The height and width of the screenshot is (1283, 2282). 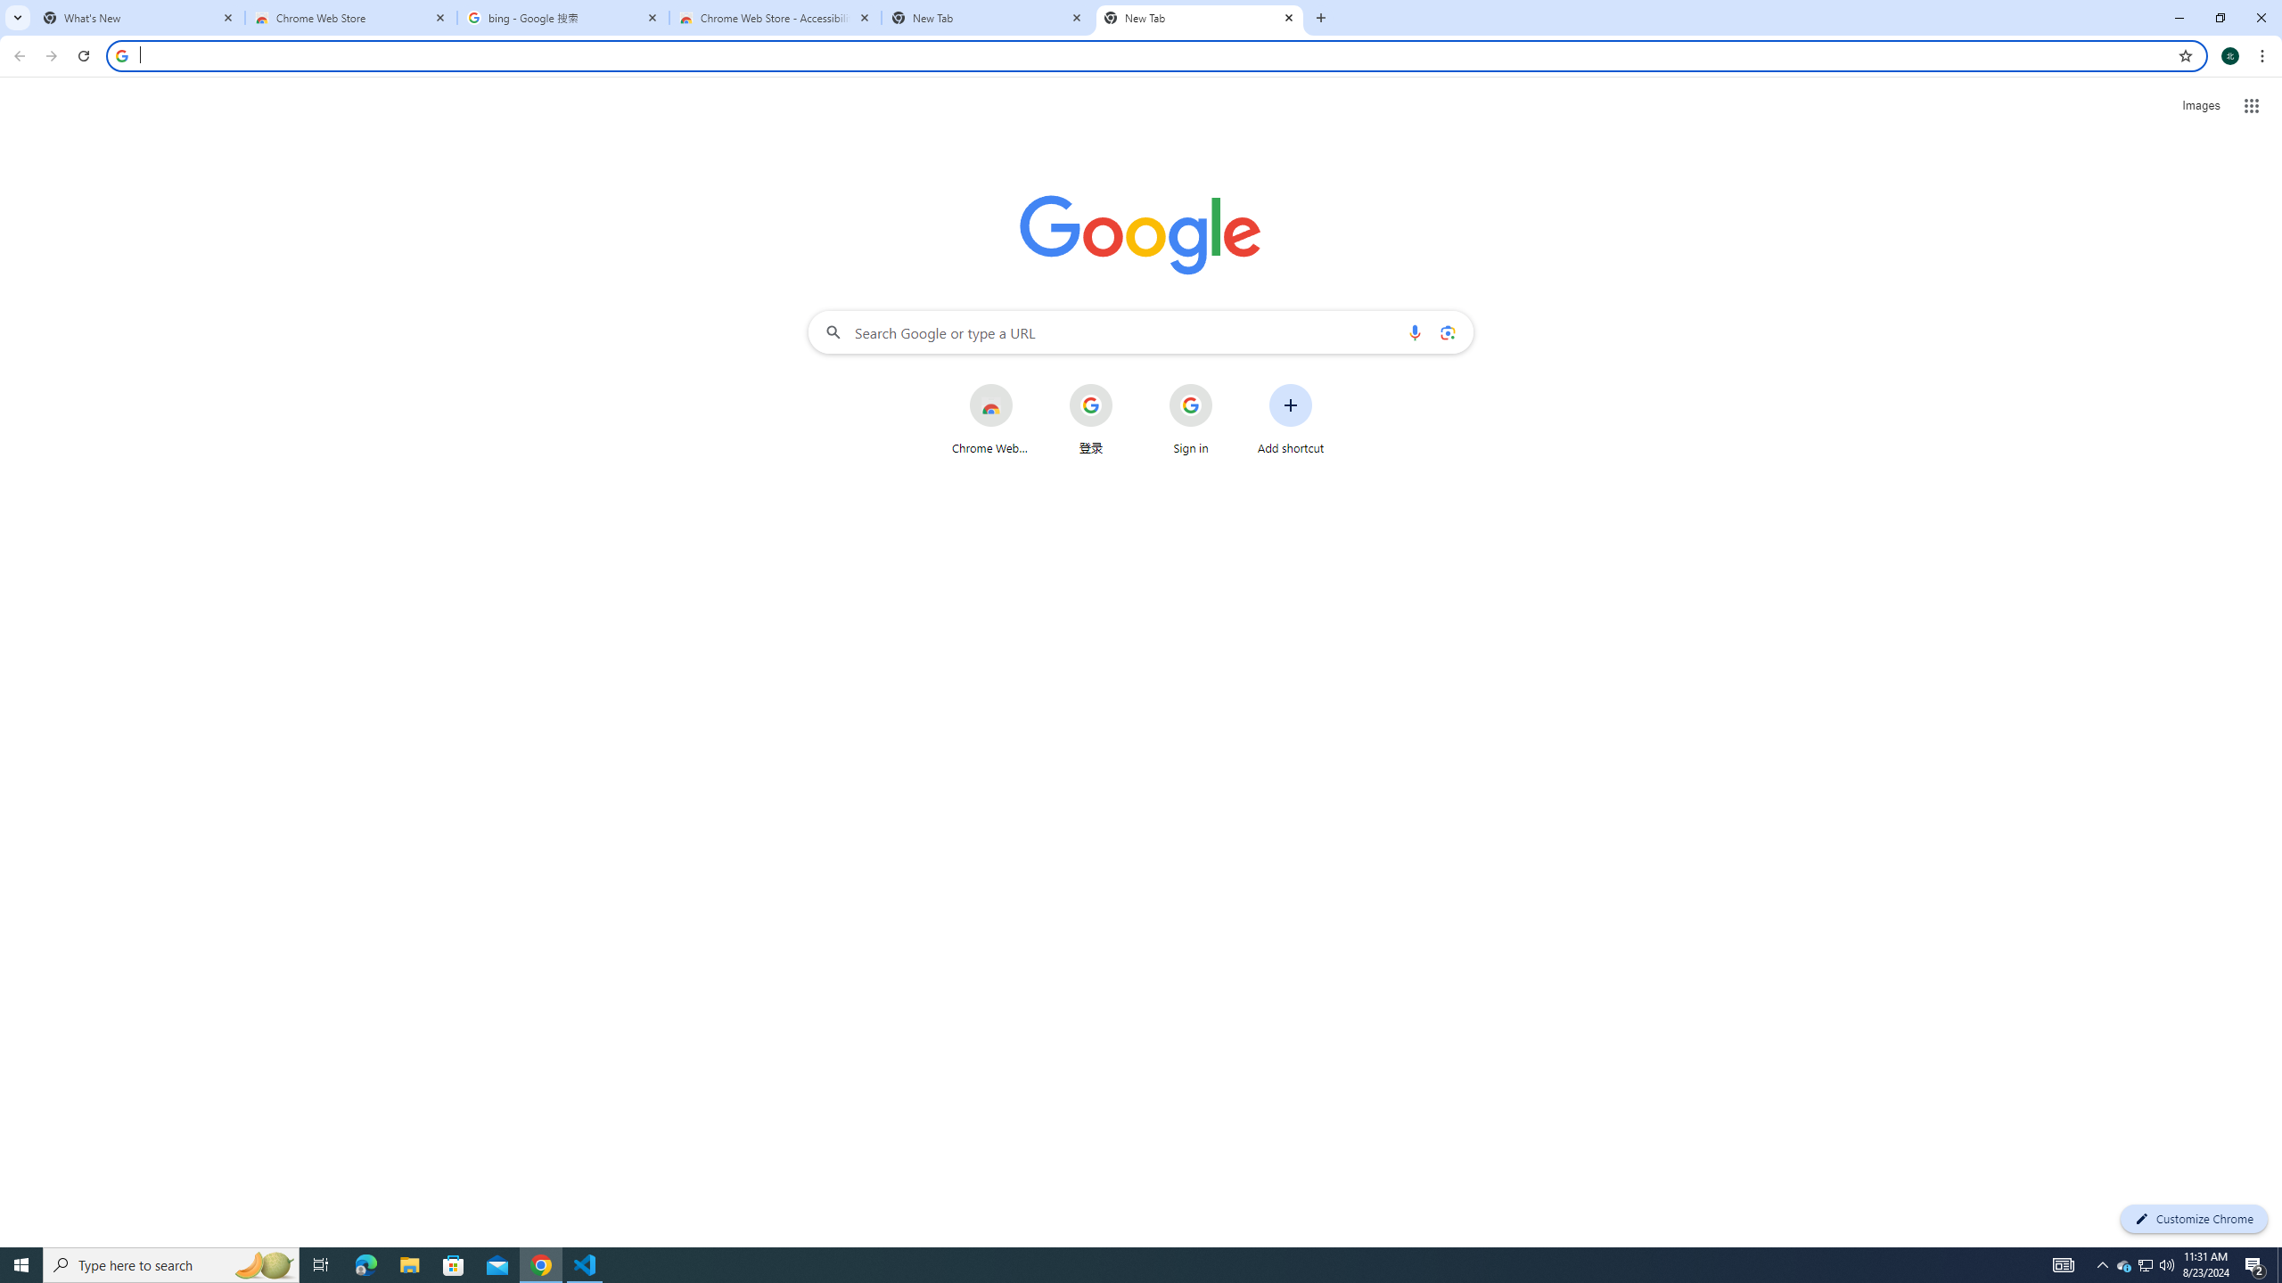 I want to click on 'Bookmark this tab', so click(x=2184, y=54).